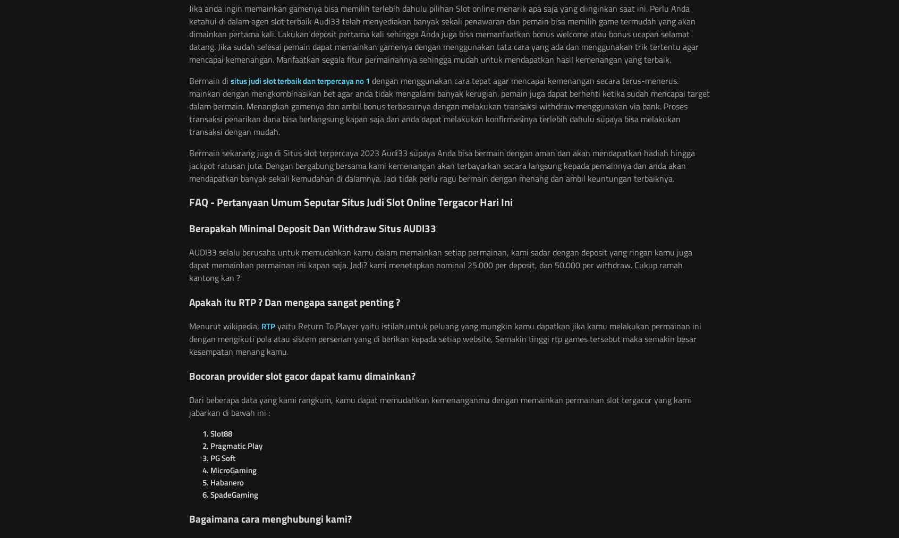 The height and width of the screenshot is (538, 899). Describe the element at coordinates (440, 406) in the screenshot. I see `'Dari beberapa data yang kami rangkum, kamu dapat memudahkan kemenanganmu dengan memainkan permainan slot tergacor yang kami jabarkan di bawah ini :'` at that location.